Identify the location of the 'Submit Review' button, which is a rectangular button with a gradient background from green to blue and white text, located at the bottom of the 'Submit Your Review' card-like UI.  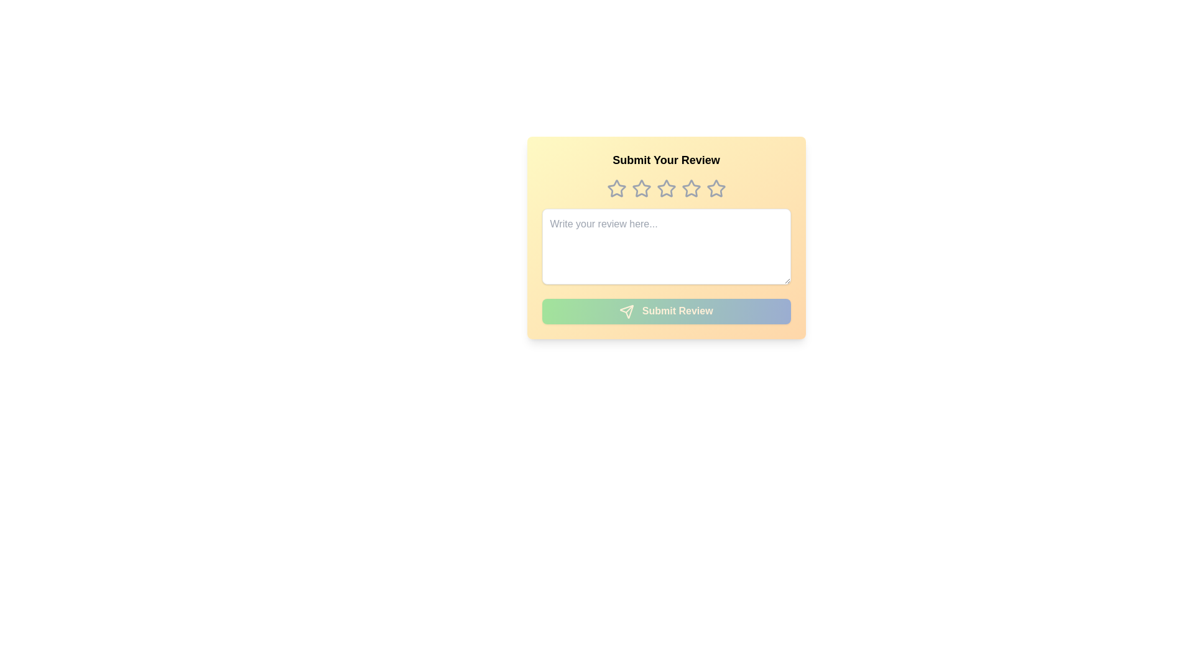
(665, 311).